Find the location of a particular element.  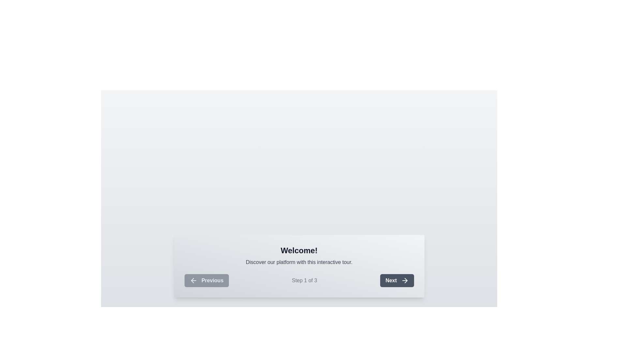

the text label that indicates the current navigation status of the application tour, which displays 'Step 1 of 3' and is located at the bottom-right between the 'Previous' and 'Next' buttons is located at coordinates (299, 280).